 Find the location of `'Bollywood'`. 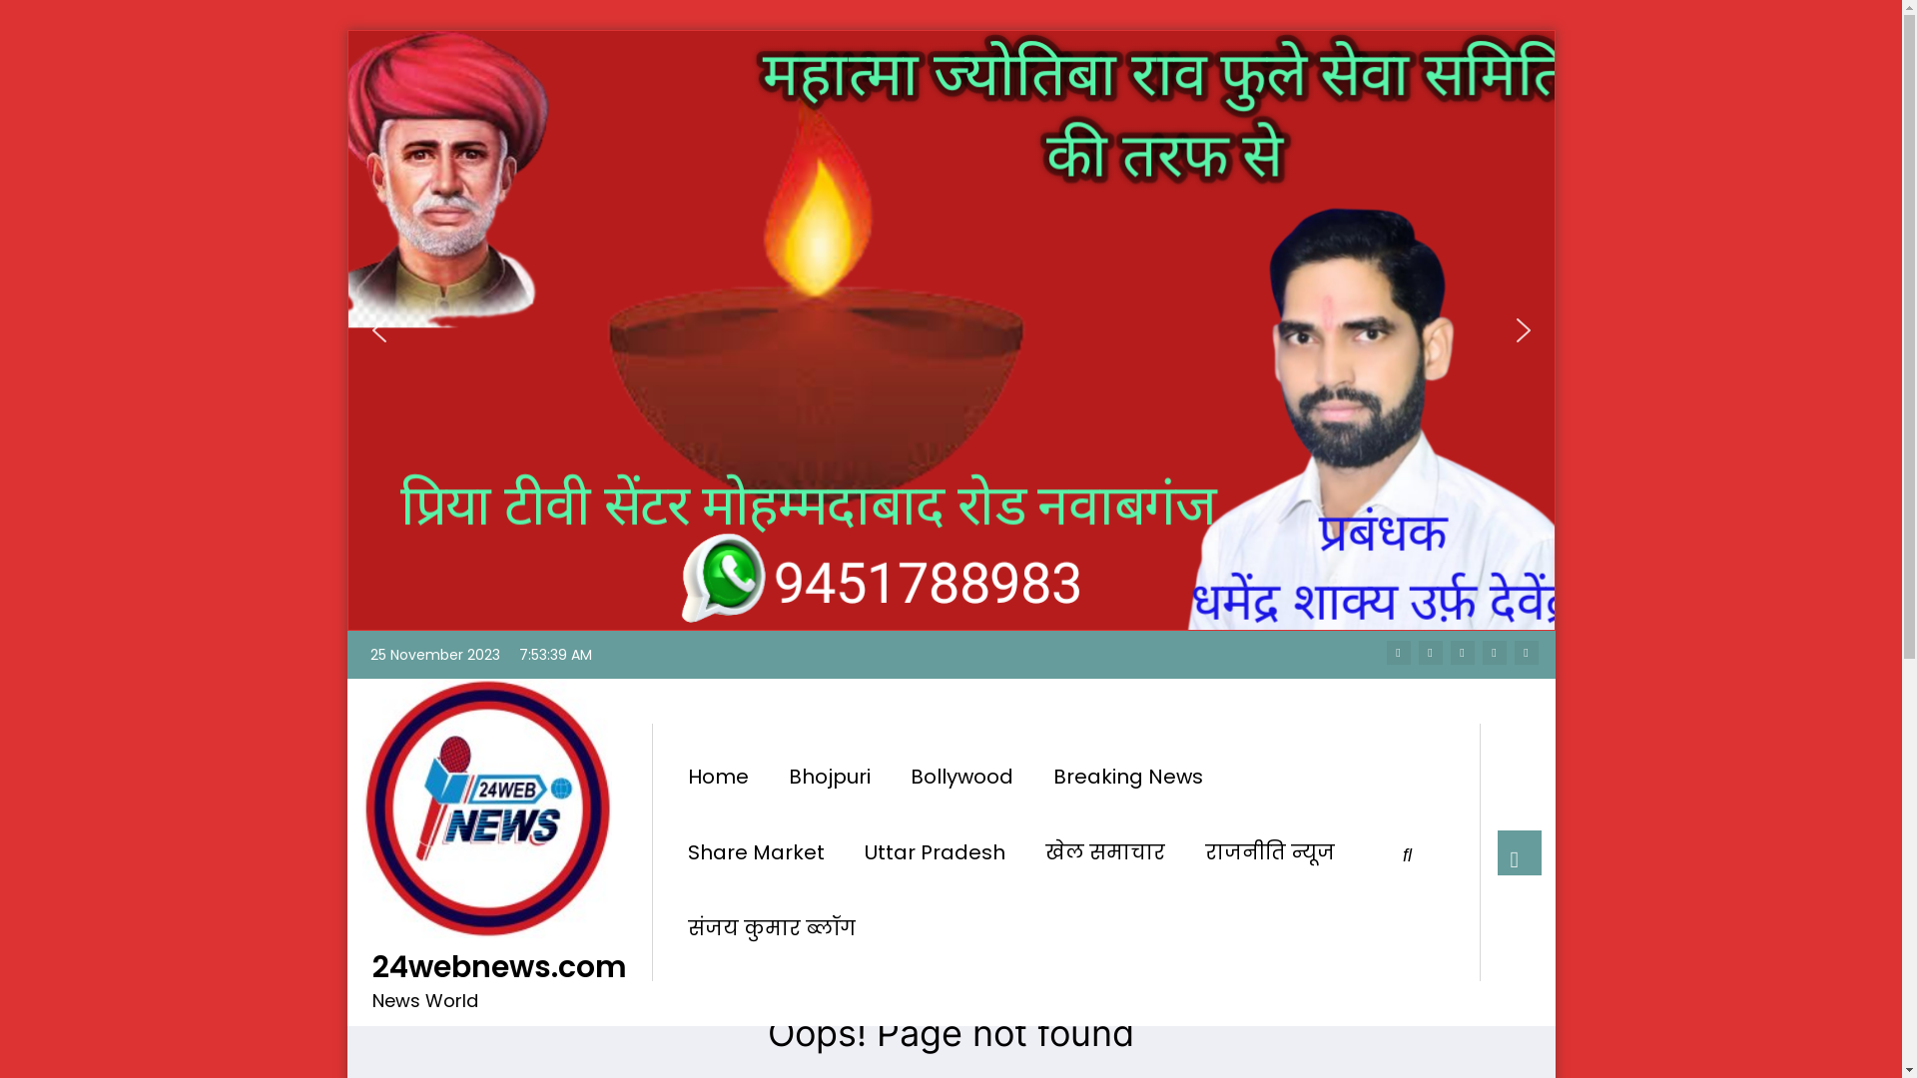

'Bollywood' is located at coordinates (890, 776).